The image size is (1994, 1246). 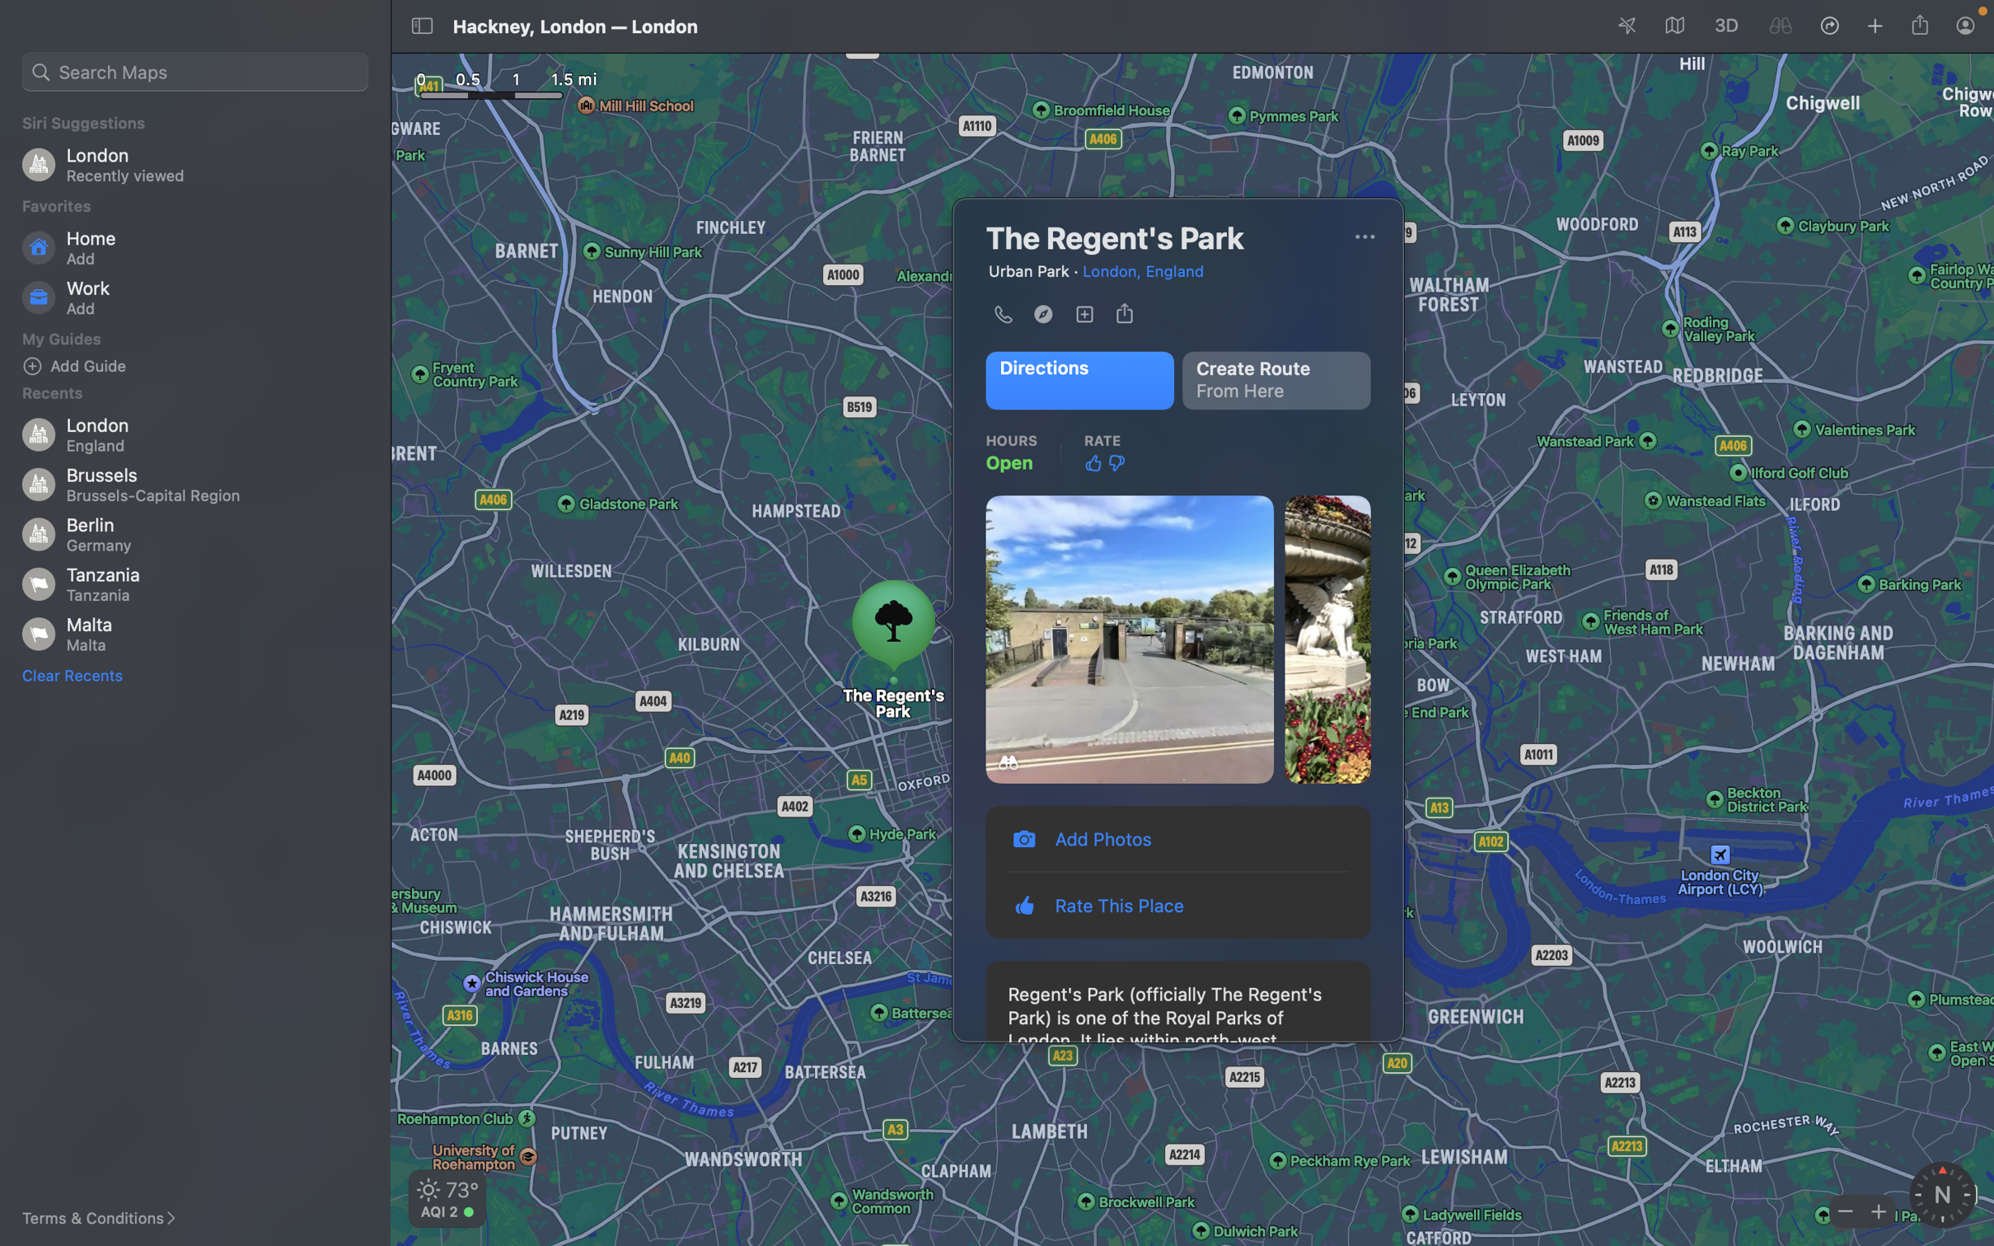 I want to click on Locate the public transit station closest to me, so click(x=1077, y=380).